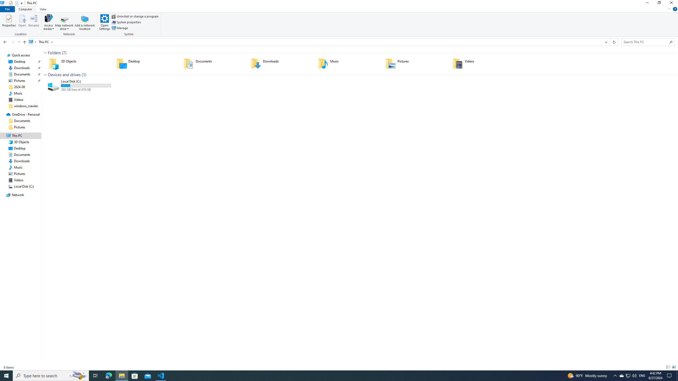  What do you see at coordinates (22, 74) in the screenshot?
I see `'Documents (pinned)'` at bounding box center [22, 74].